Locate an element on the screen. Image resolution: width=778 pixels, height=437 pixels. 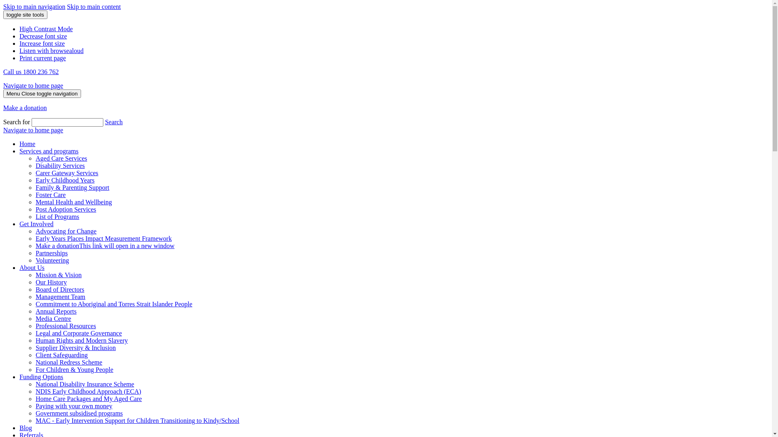
'Paying with your own money' is located at coordinates (74, 406).